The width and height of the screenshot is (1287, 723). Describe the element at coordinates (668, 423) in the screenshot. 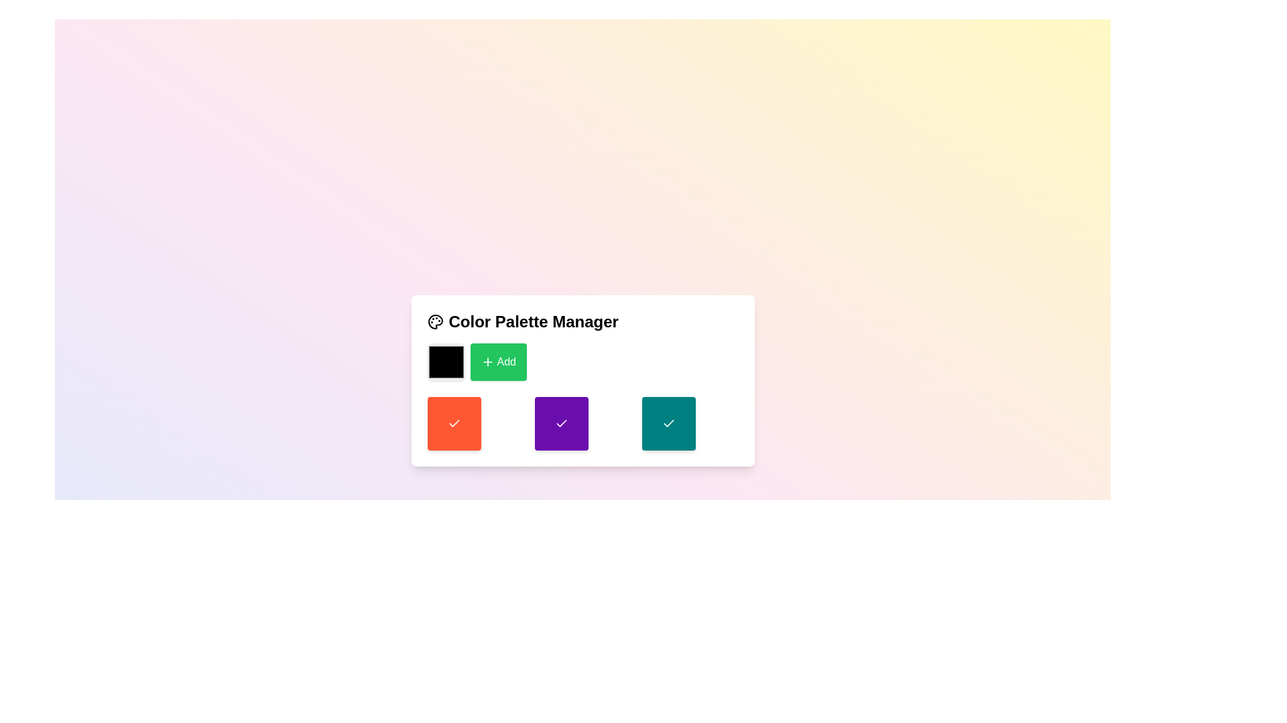

I see `the teal square button with a white checkmark icon, which is the third button in a grid layout, to trigger potential hover effects` at that location.